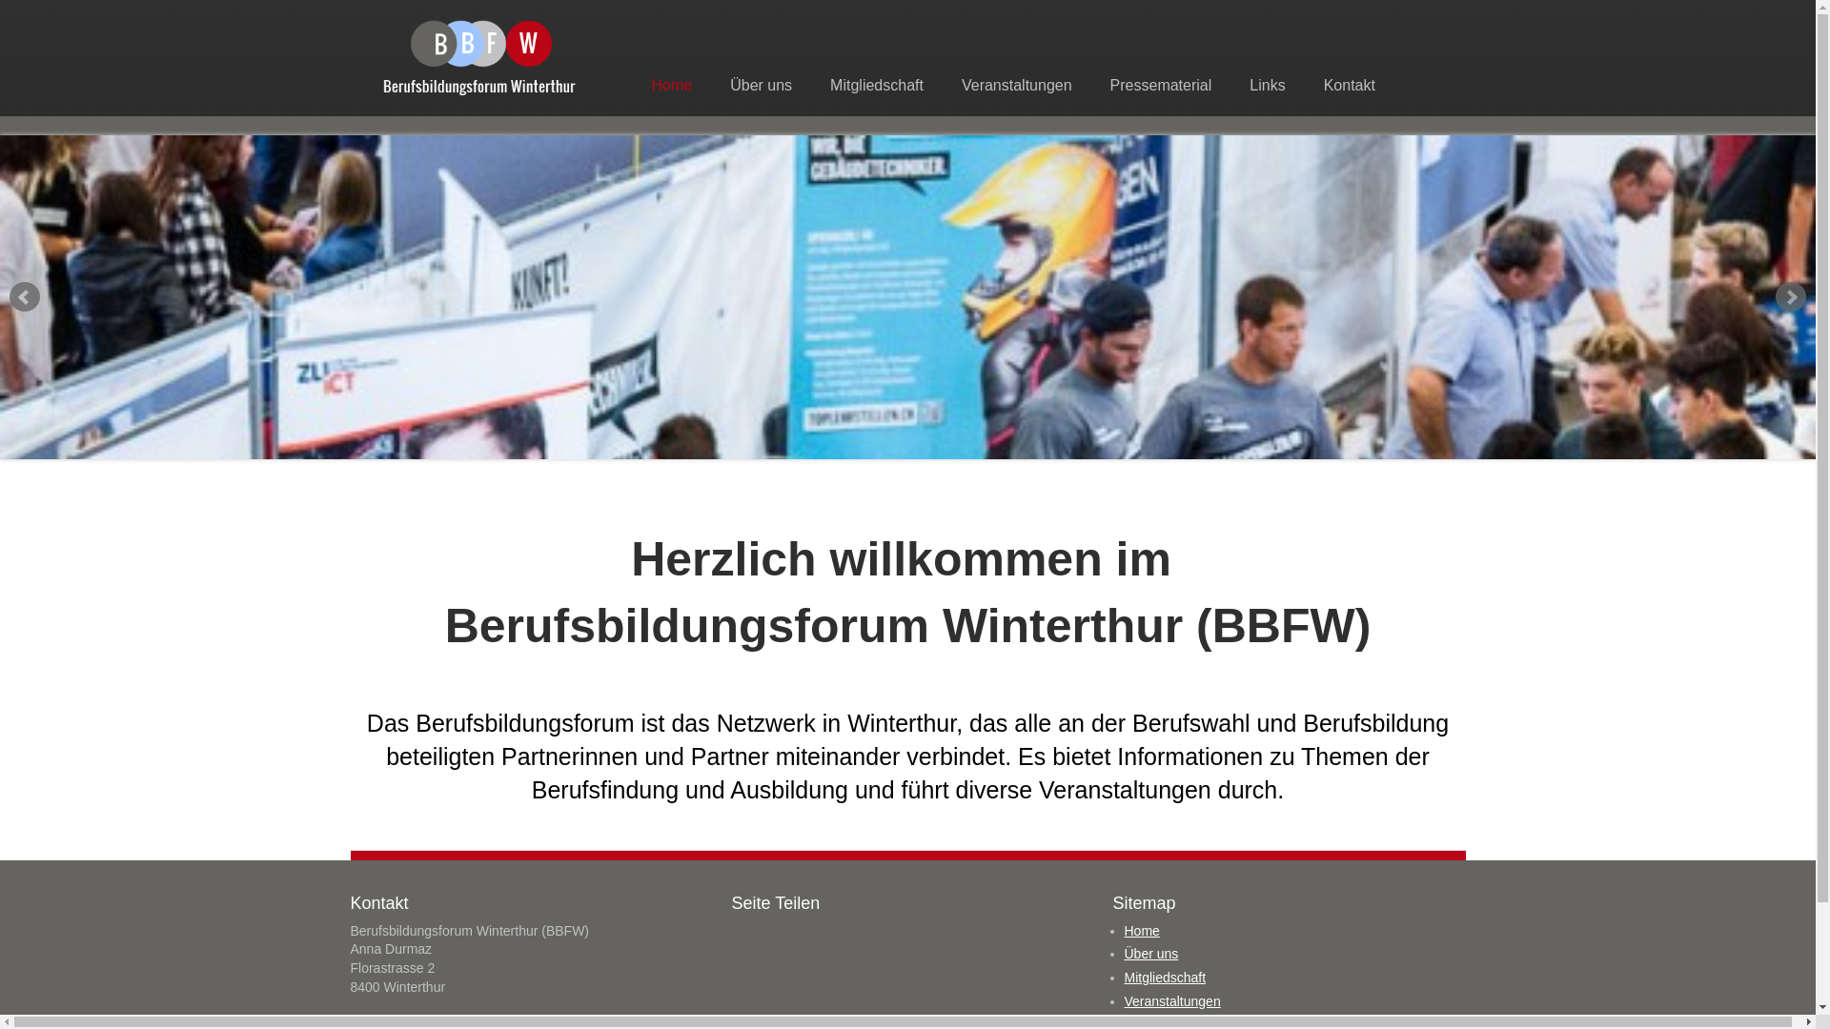  I want to click on 'Mitgliedschaft', so click(876, 84).